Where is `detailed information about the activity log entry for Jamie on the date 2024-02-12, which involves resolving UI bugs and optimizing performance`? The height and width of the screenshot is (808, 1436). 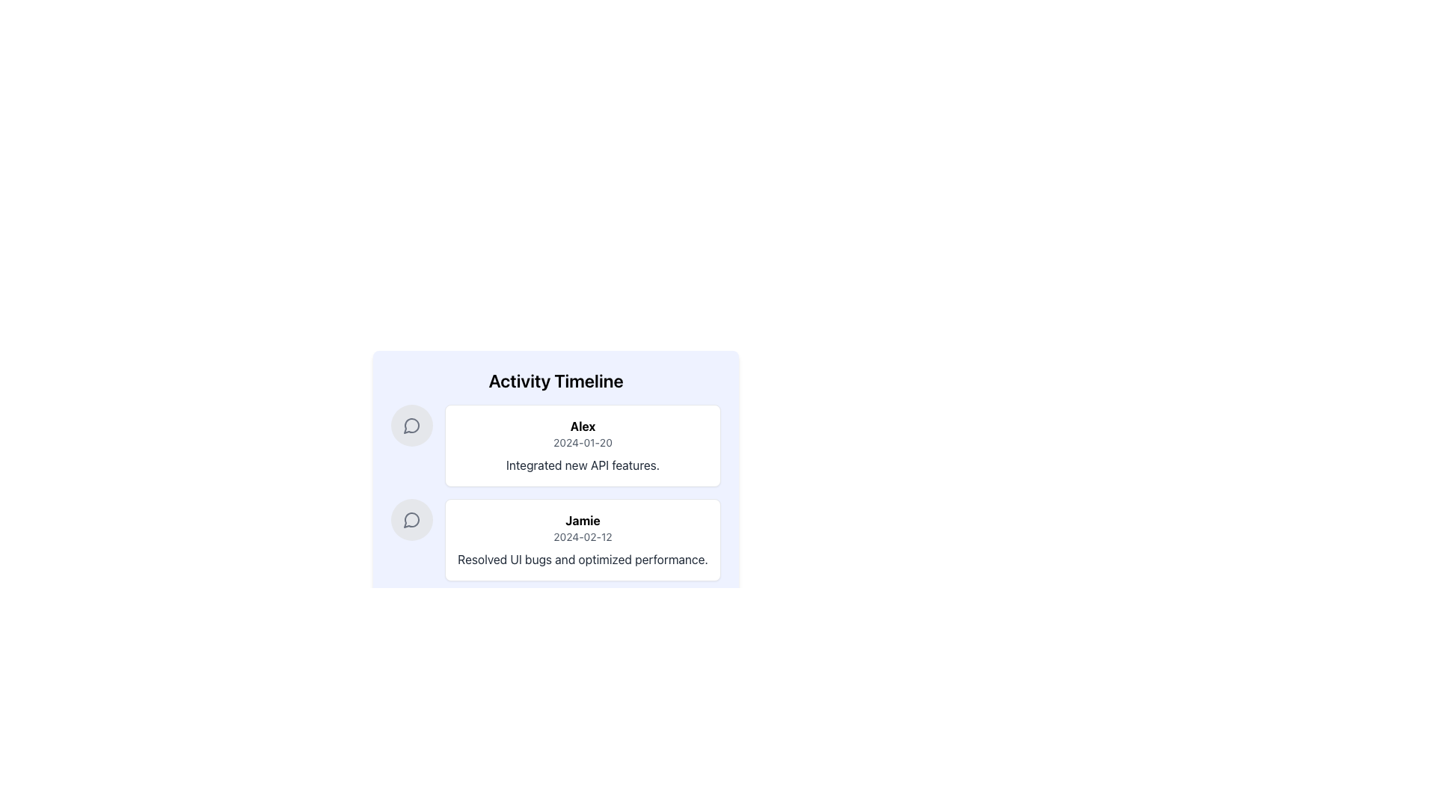 detailed information about the activity log entry for Jamie on the date 2024-02-12, which involves resolving UI bugs and optimizing performance is located at coordinates (555, 539).